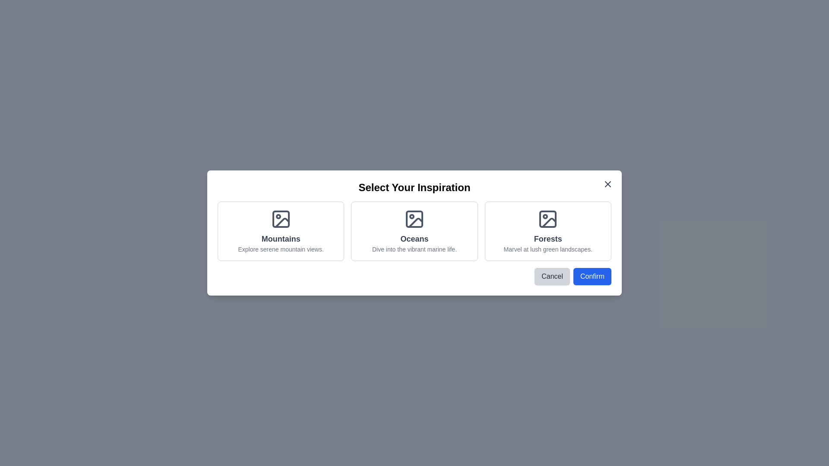  Describe the element at coordinates (281, 249) in the screenshot. I see `the static text element that displays 'Explore serene mountain views.' which is styled in light gray and positioned below the heading 'Mountains'` at that location.